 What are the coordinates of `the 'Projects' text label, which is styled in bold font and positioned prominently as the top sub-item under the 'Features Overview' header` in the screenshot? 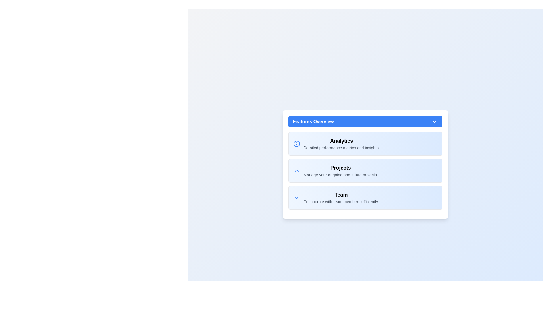 It's located at (341, 168).